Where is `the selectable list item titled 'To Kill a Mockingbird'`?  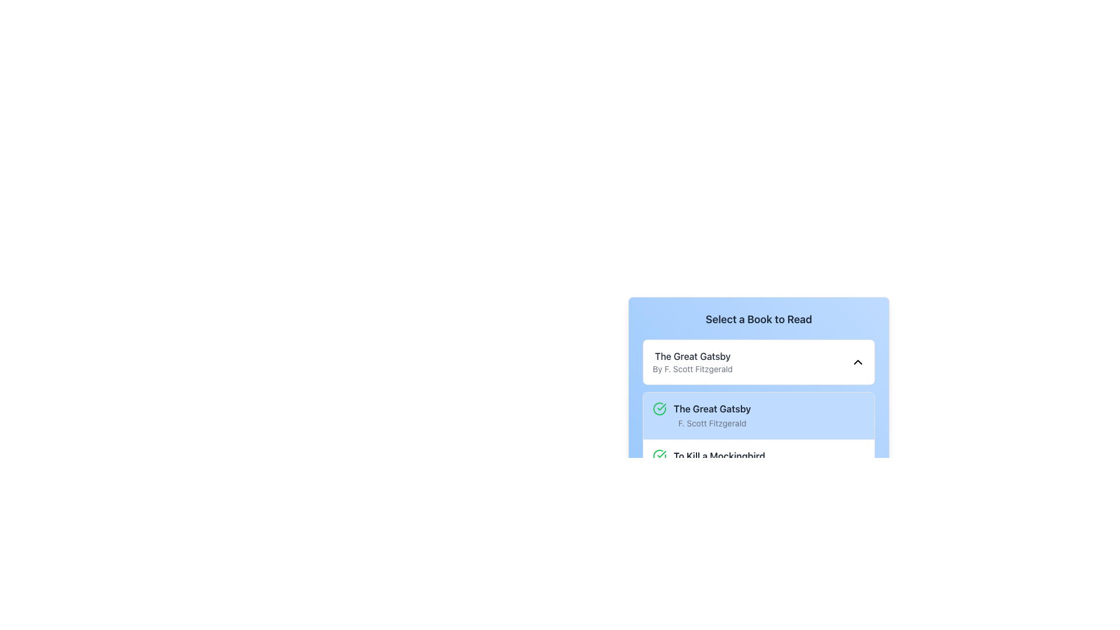 the selectable list item titled 'To Kill a Mockingbird' is located at coordinates (758, 462).